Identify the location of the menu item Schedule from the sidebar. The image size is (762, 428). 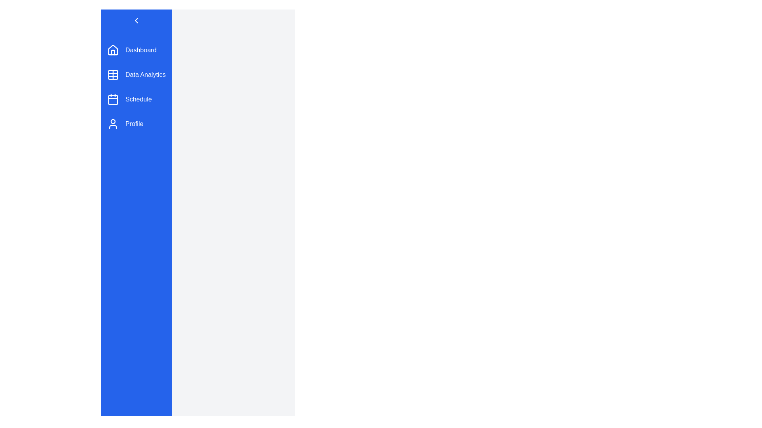
(136, 99).